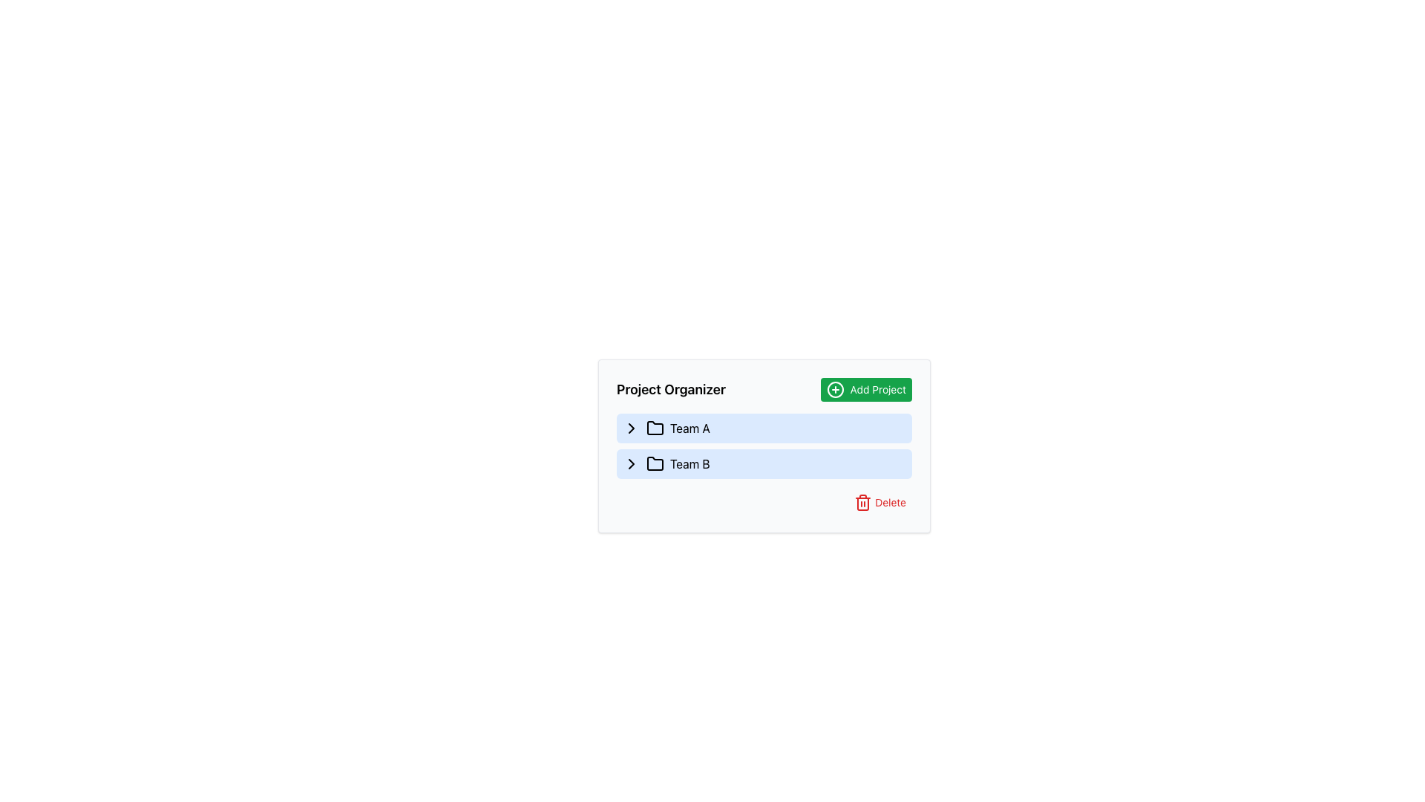 Image resolution: width=1425 pixels, height=802 pixels. What do you see at coordinates (655, 463) in the screenshot?
I see `the second folder icon in the 'Project Organizer' list, associated with the project labeled 'Team B'` at bounding box center [655, 463].